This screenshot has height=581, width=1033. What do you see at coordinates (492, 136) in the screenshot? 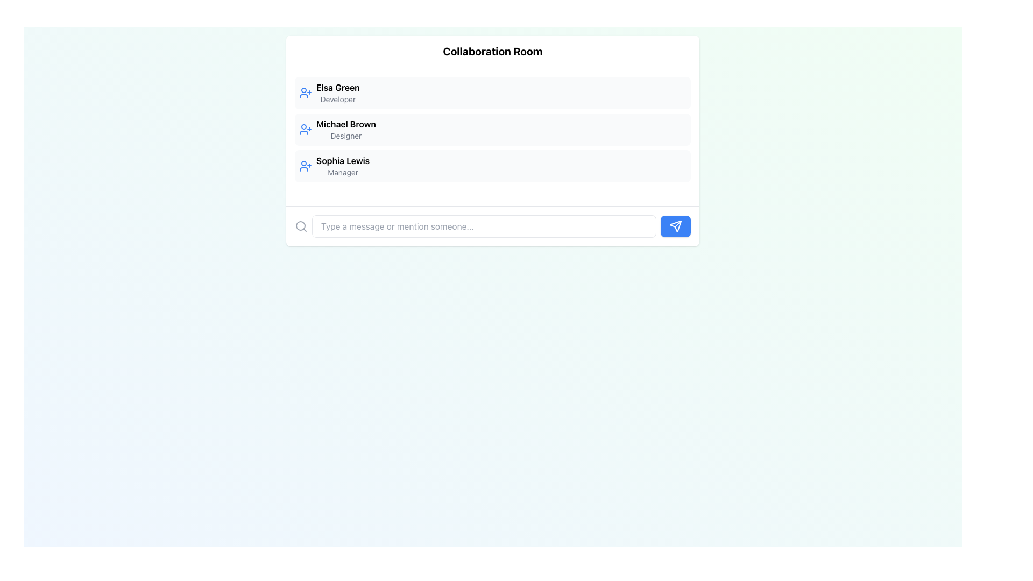
I see `the user entry for 'Michael Brown', a Designer, in the collaboration room list` at bounding box center [492, 136].